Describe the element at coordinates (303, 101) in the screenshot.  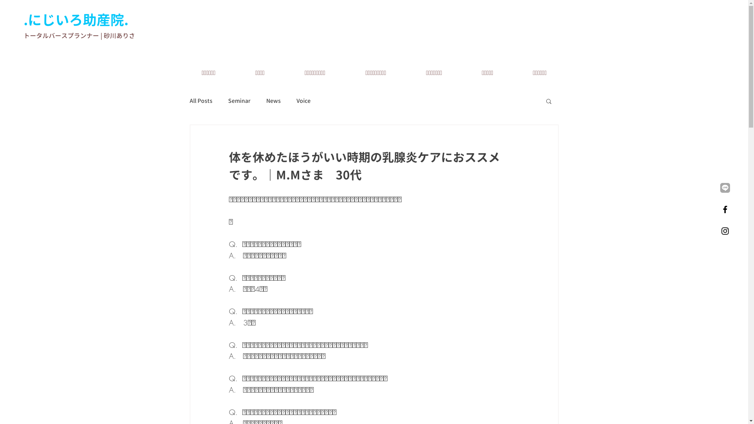
I see `'Voice'` at that location.